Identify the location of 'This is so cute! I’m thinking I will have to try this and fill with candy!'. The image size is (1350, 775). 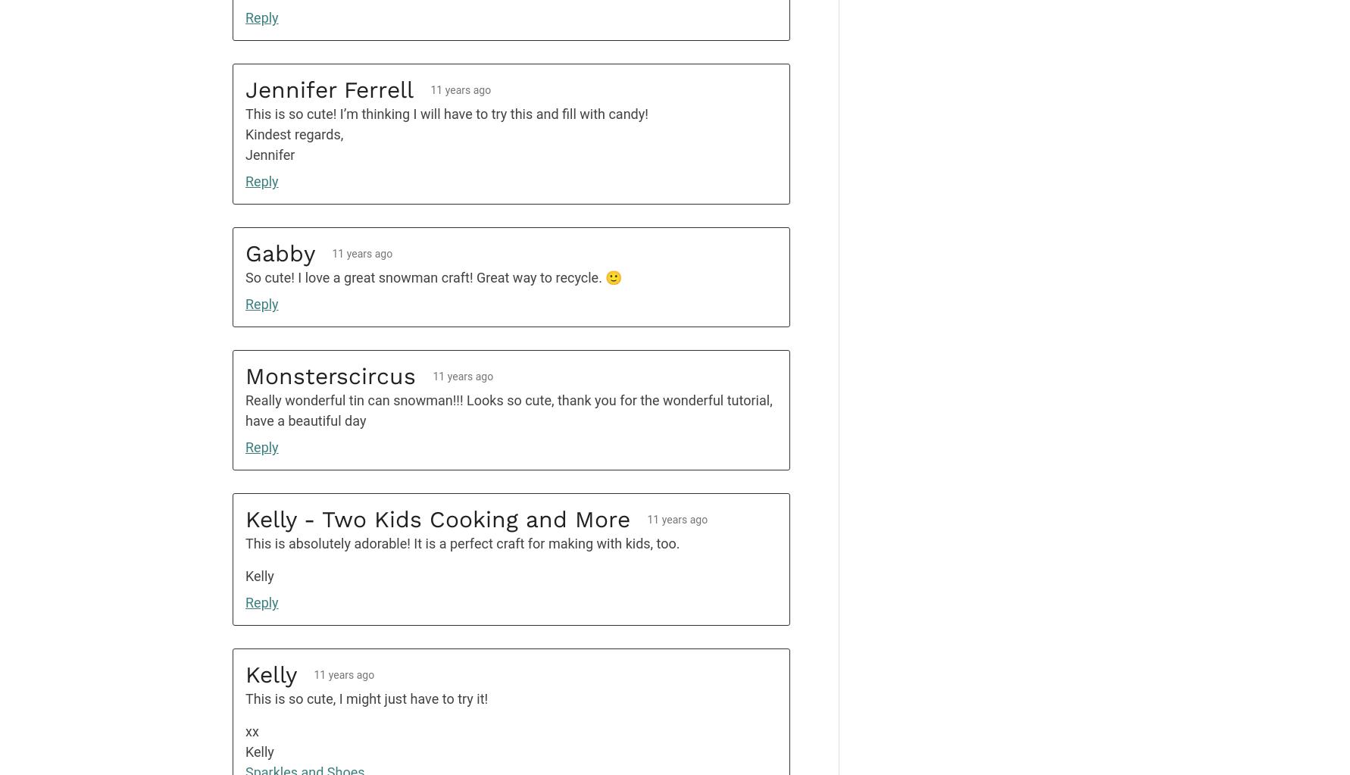
(446, 113).